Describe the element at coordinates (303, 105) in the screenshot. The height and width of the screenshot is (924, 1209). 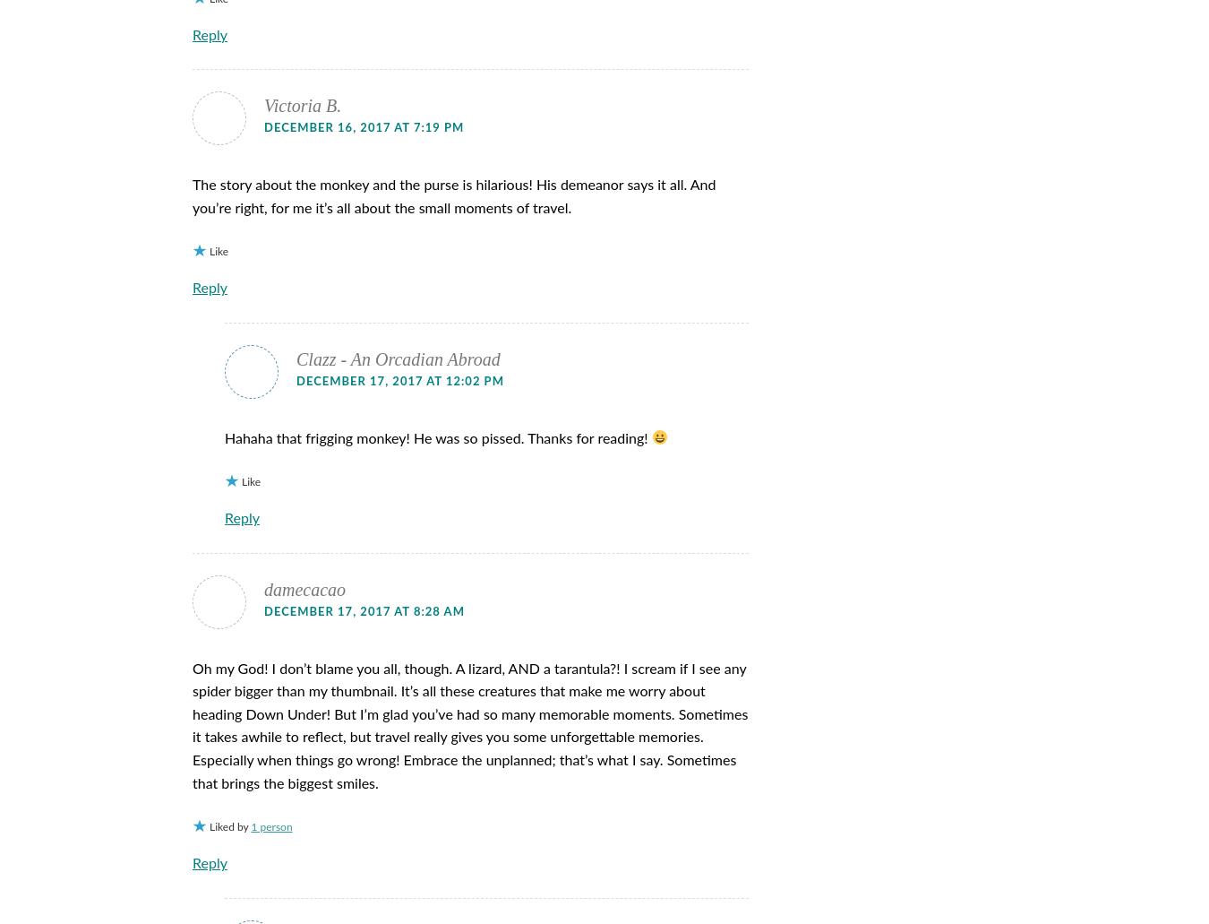
I see `'Victoria B.'` at that location.